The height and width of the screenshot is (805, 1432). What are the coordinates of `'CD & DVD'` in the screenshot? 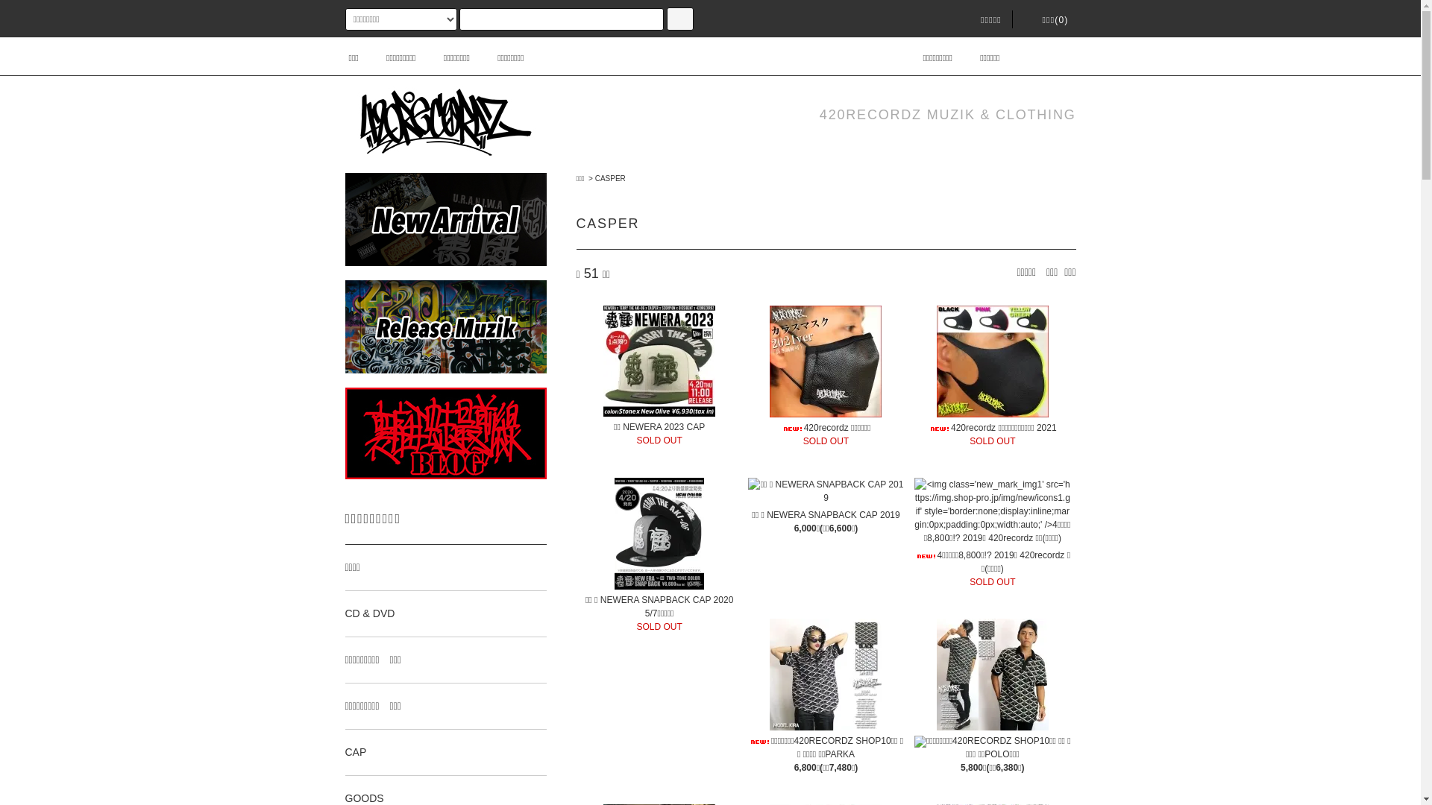 It's located at (444, 613).